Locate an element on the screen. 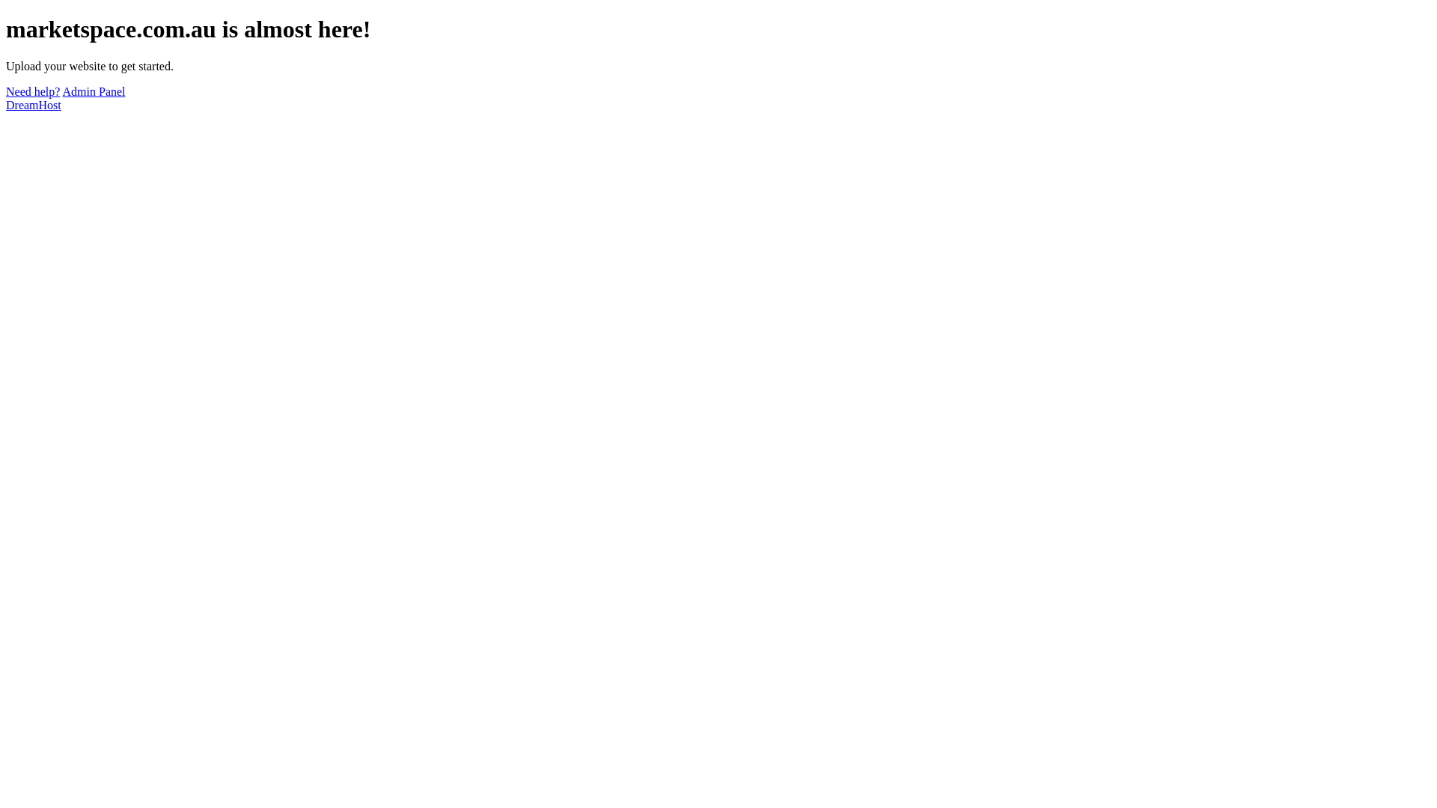 This screenshot has width=1437, height=808. 'Need help?' is located at coordinates (32, 91).